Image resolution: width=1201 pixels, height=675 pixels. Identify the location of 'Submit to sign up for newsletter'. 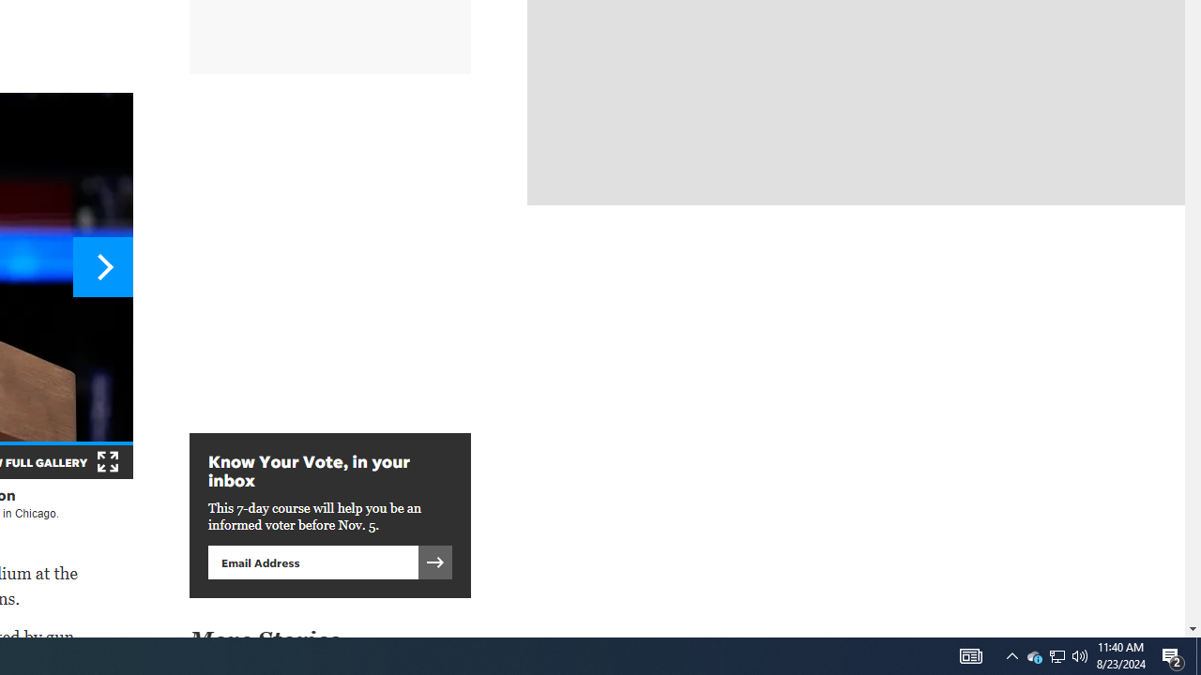
(434, 561).